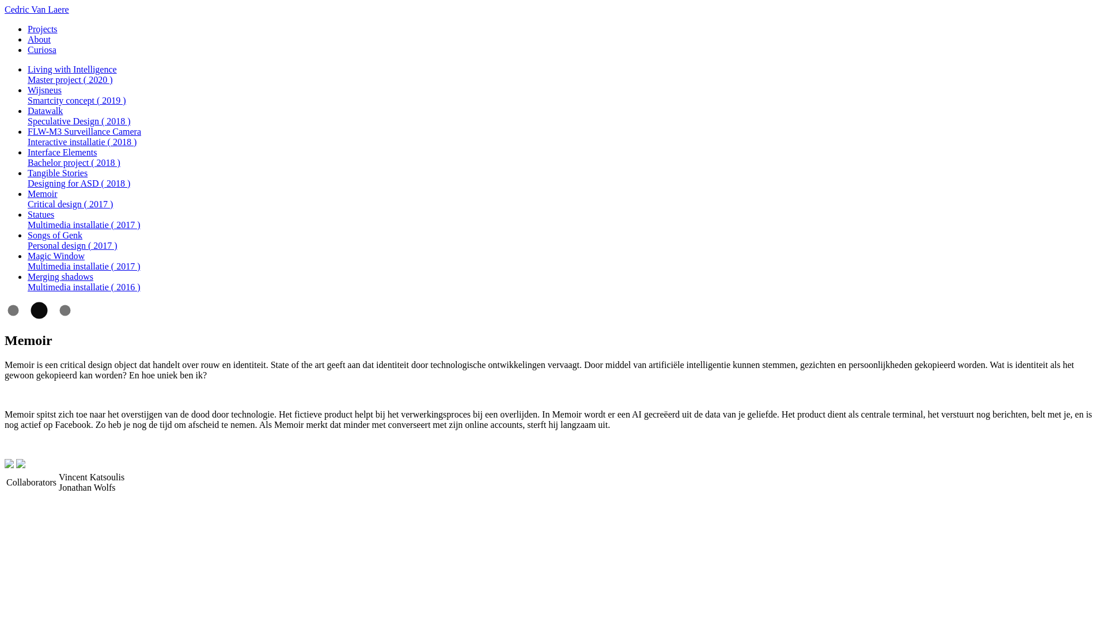  What do you see at coordinates (28, 111) in the screenshot?
I see `'Datawalk'` at bounding box center [28, 111].